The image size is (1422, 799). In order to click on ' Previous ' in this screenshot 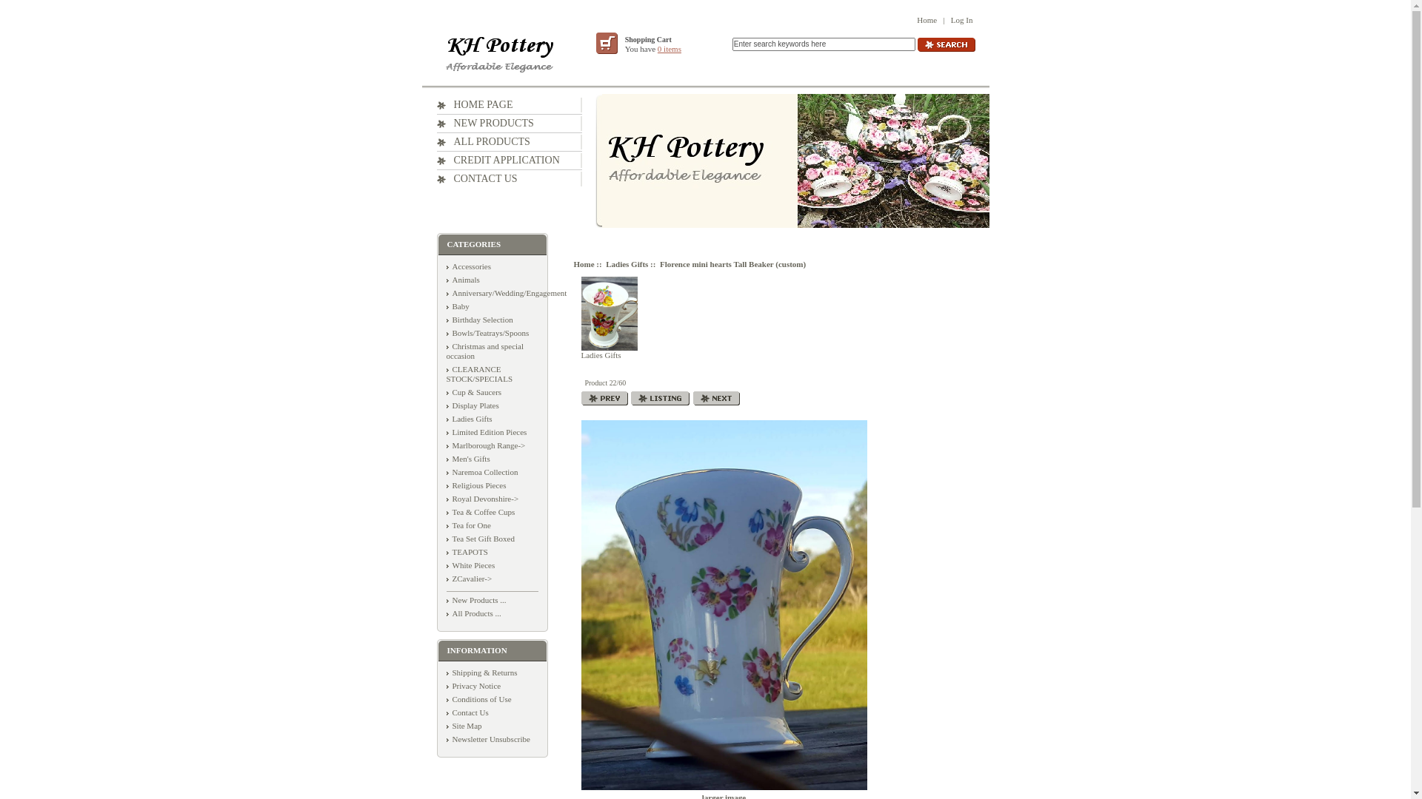, I will do `click(604, 397)`.